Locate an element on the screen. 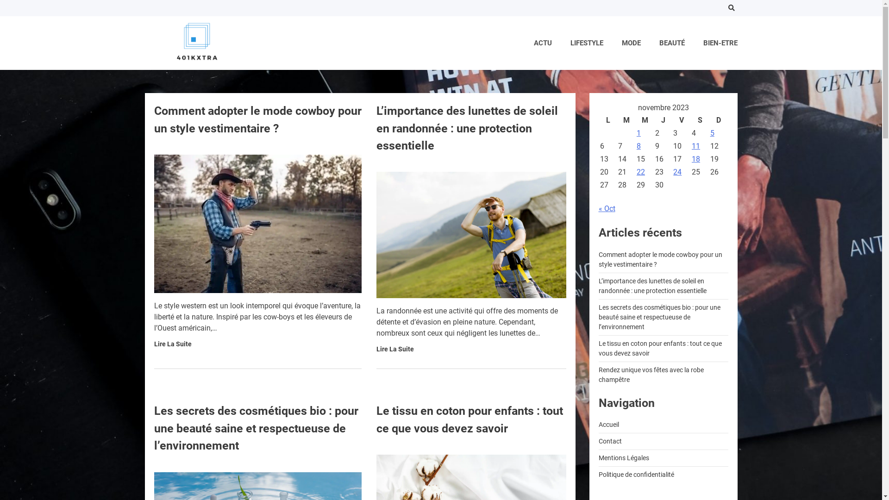 The height and width of the screenshot is (500, 889). '24' is located at coordinates (677, 172).